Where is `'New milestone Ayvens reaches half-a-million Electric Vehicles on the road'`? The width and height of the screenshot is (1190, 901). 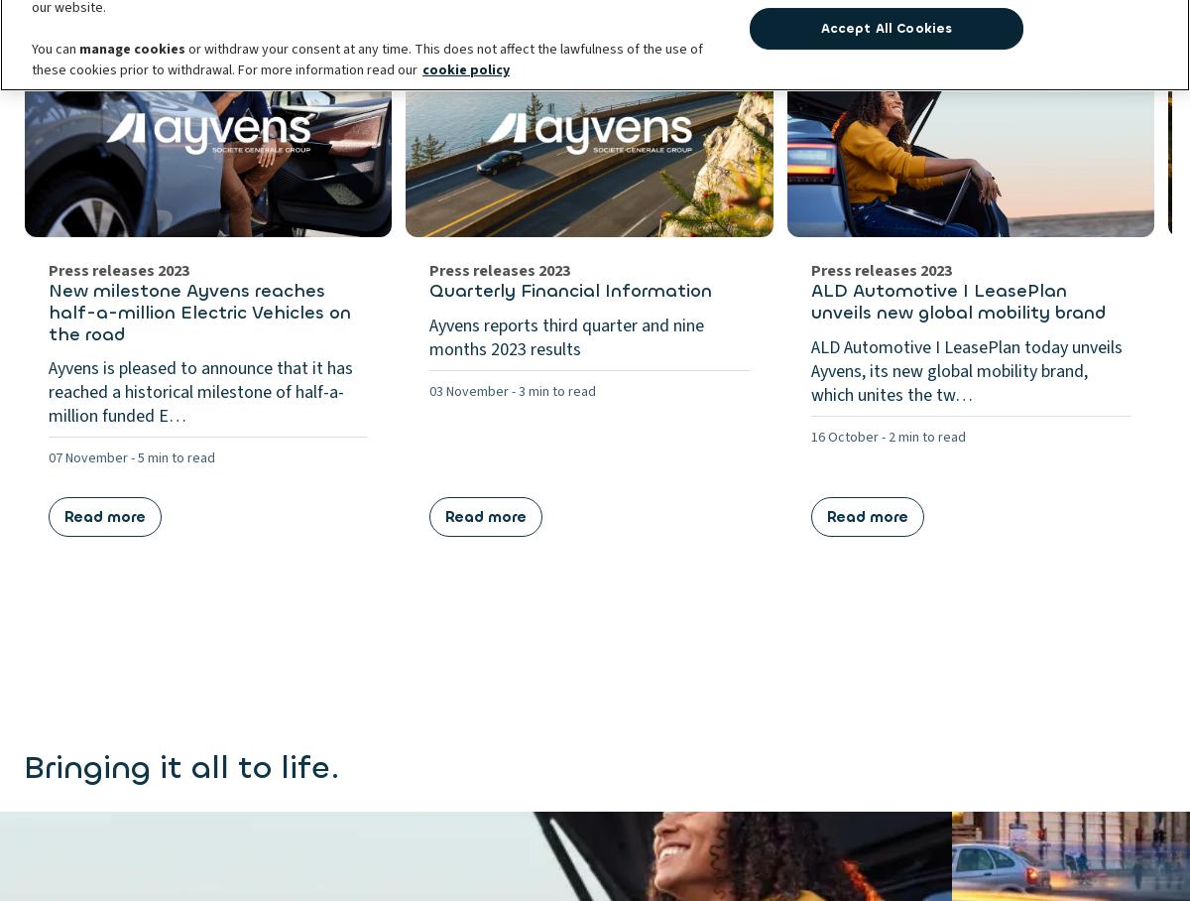
'New milestone Ayvens reaches half-a-million Electric Vehicles on the road' is located at coordinates (198, 311).